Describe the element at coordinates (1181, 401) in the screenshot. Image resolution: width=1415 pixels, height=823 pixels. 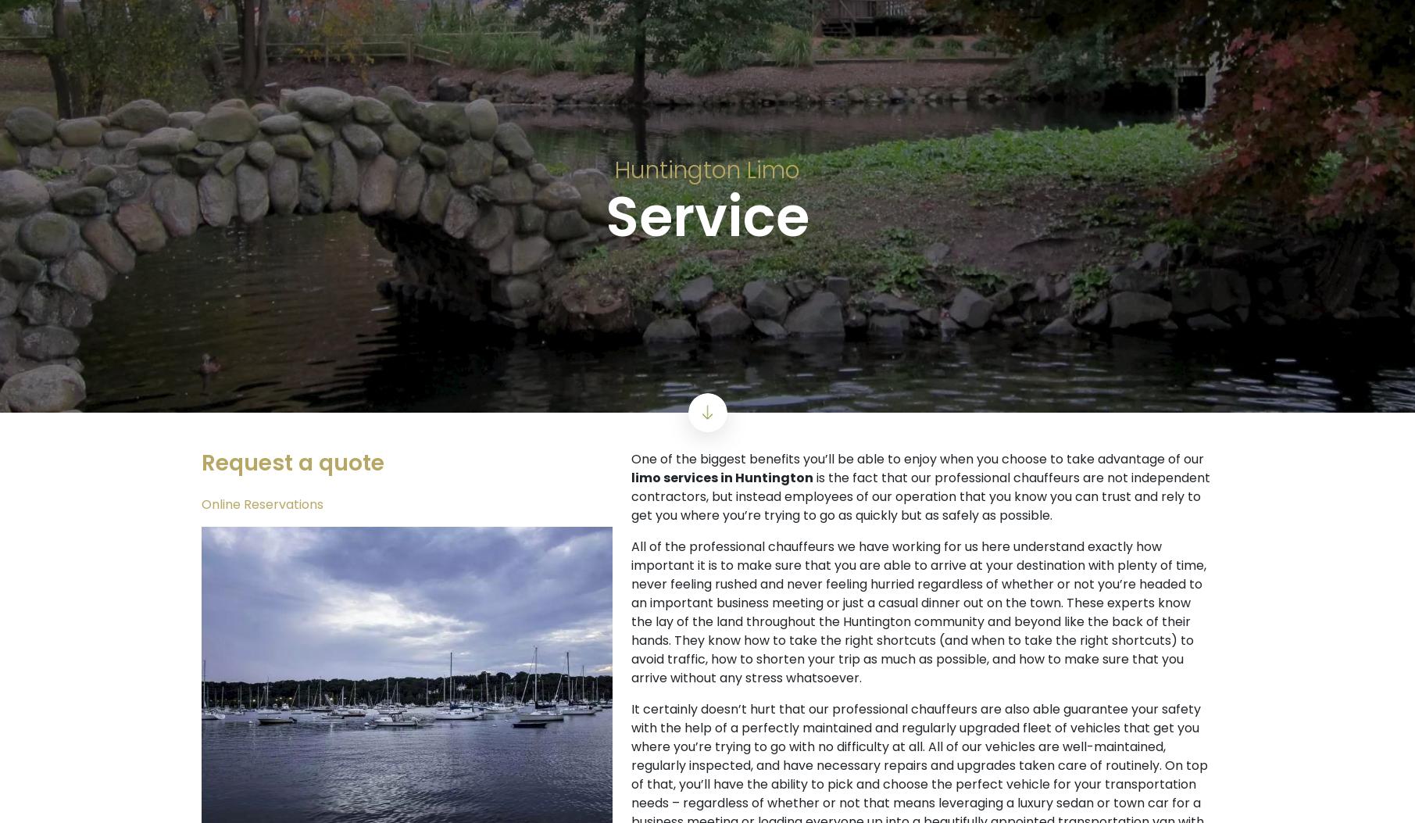
I see `'>'` at that location.